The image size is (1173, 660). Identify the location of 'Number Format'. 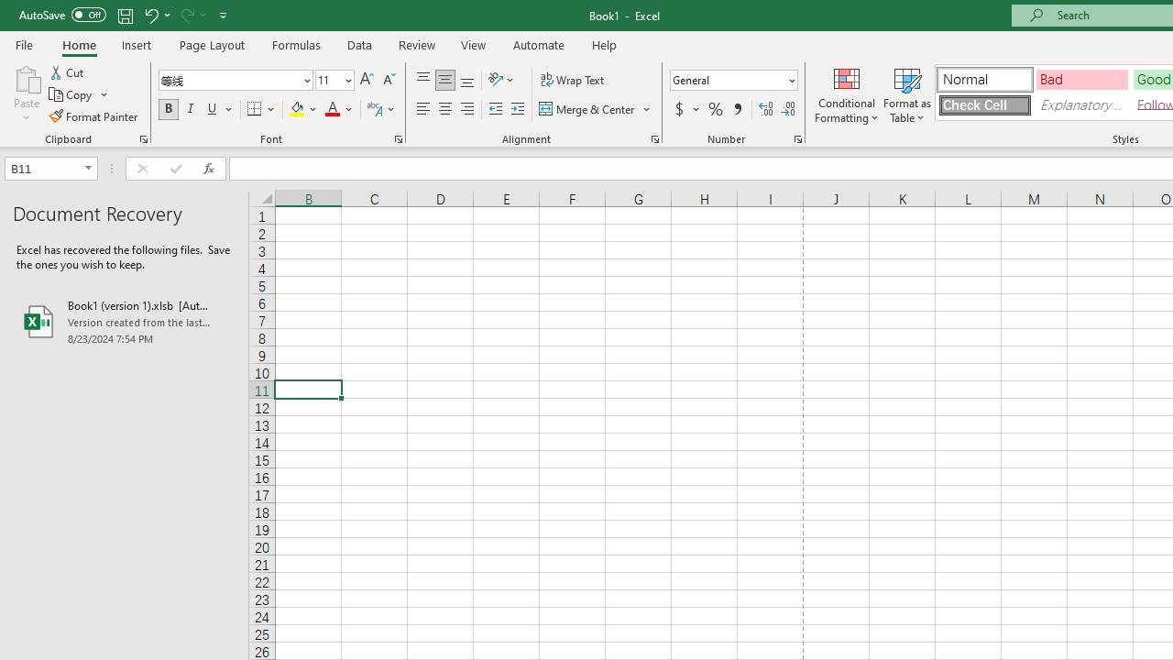
(733, 79).